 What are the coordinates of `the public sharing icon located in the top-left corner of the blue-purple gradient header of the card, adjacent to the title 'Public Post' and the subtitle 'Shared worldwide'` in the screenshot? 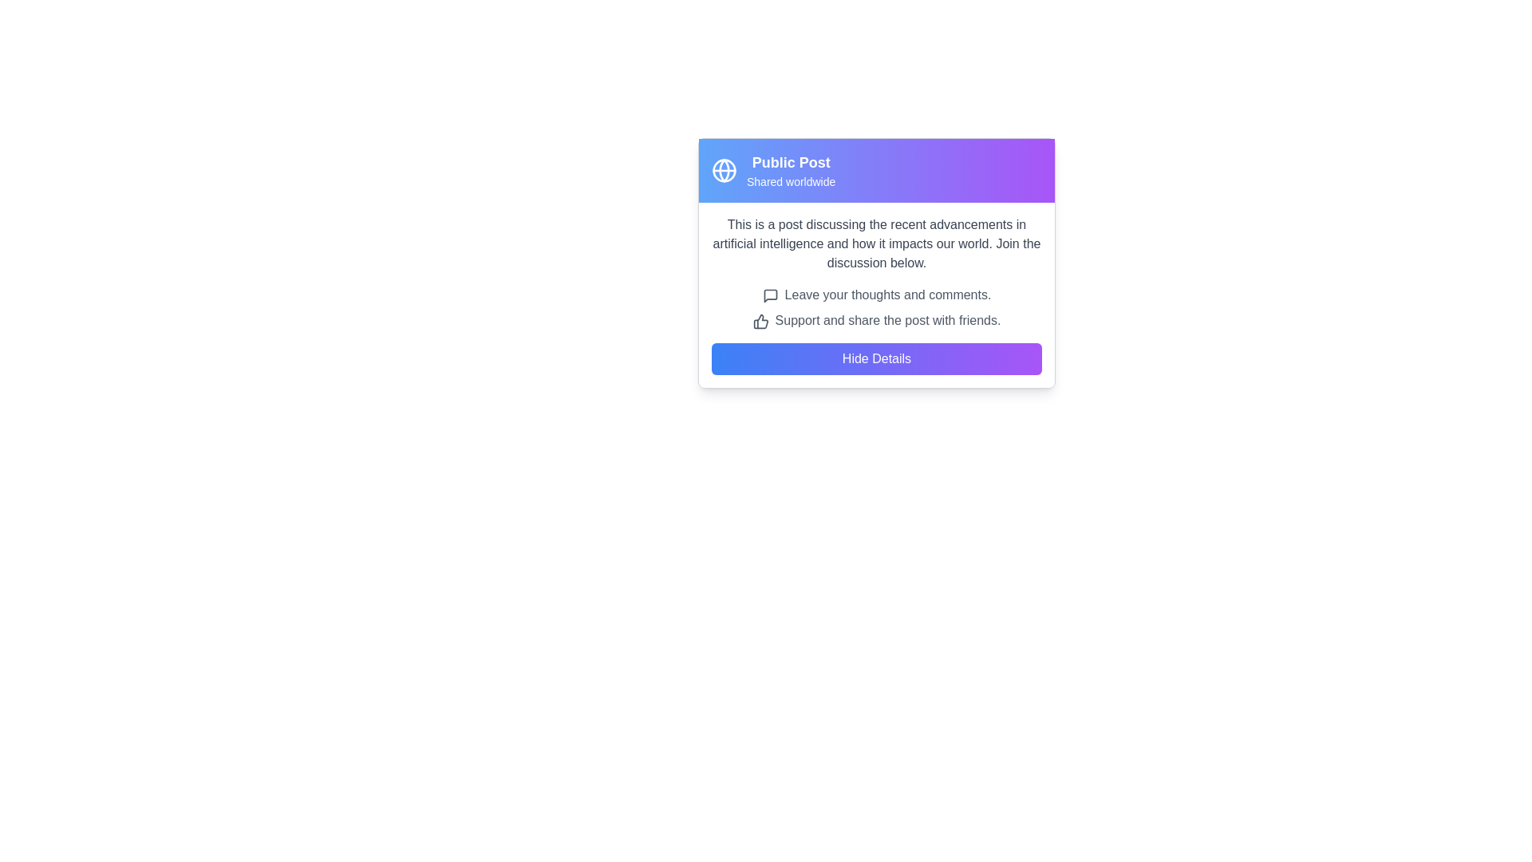 It's located at (723, 170).